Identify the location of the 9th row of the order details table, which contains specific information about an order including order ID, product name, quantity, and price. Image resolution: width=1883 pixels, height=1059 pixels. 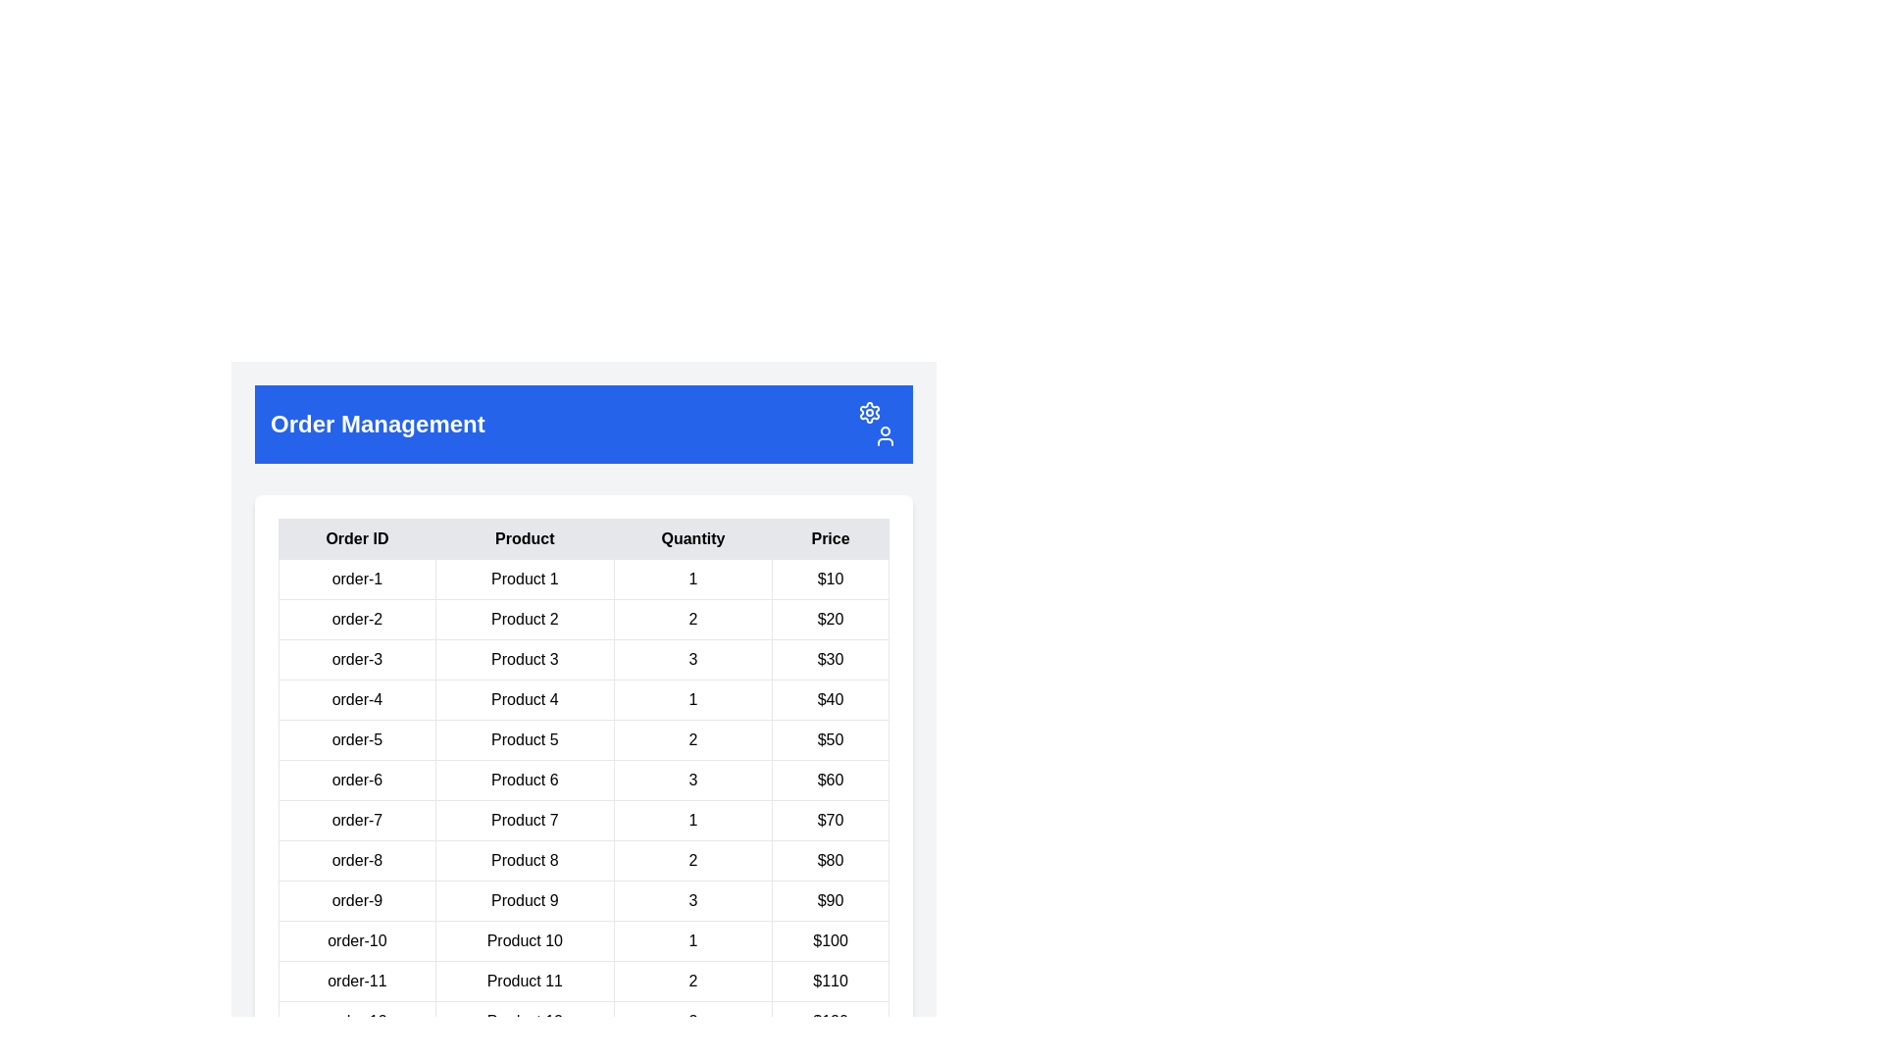
(583, 900).